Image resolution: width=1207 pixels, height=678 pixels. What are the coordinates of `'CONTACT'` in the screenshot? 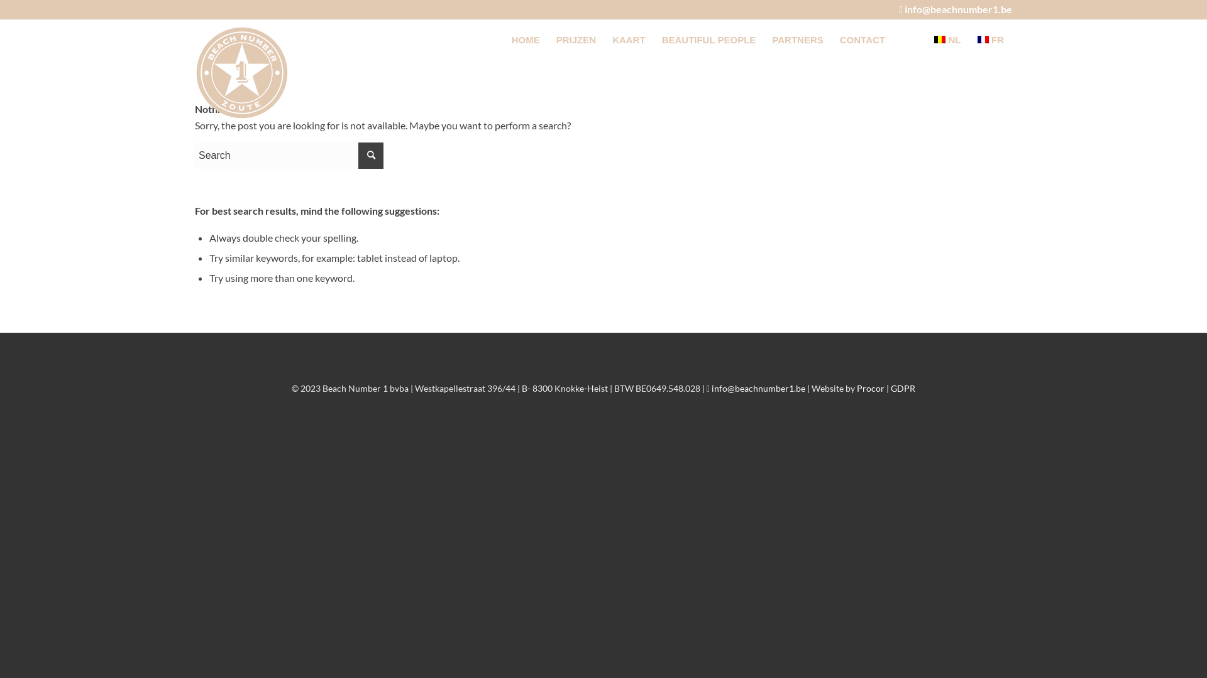 It's located at (862, 39).